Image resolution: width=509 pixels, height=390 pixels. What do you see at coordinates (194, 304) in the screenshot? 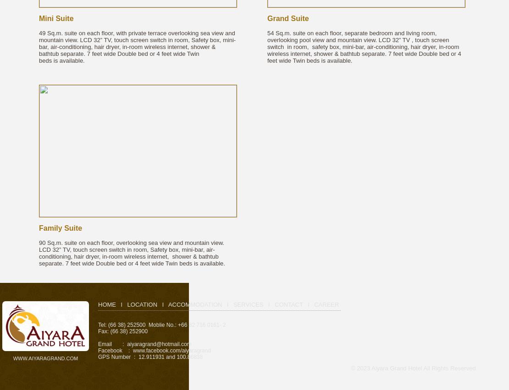
I see `'ACCOMMODATION'` at bounding box center [194, 304].